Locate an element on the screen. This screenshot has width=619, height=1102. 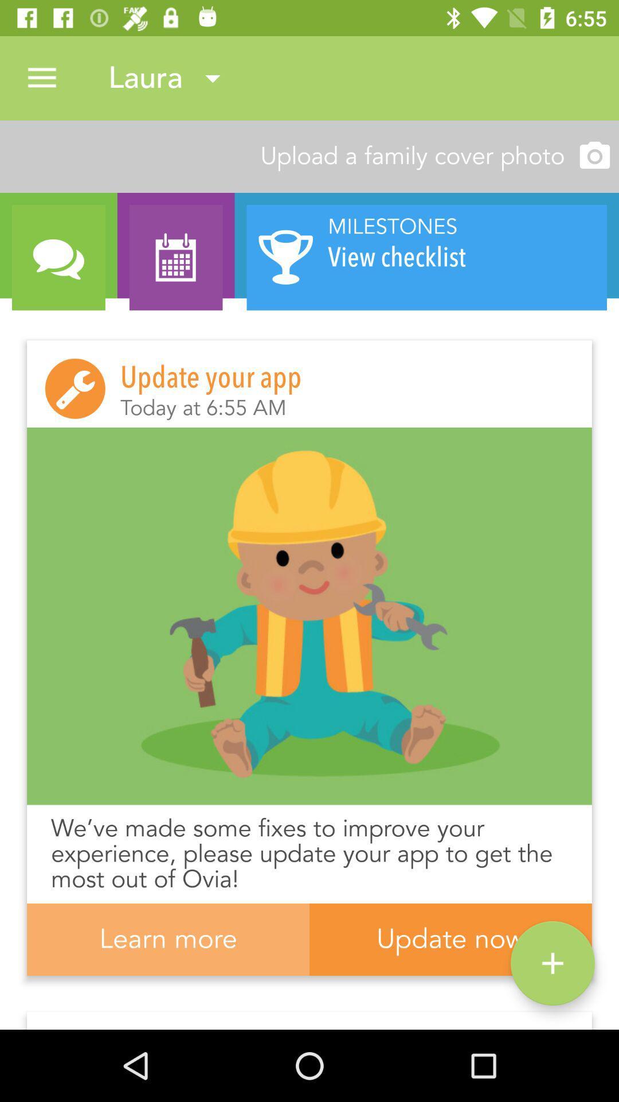
upload a family is located at coordinates (309, 156).